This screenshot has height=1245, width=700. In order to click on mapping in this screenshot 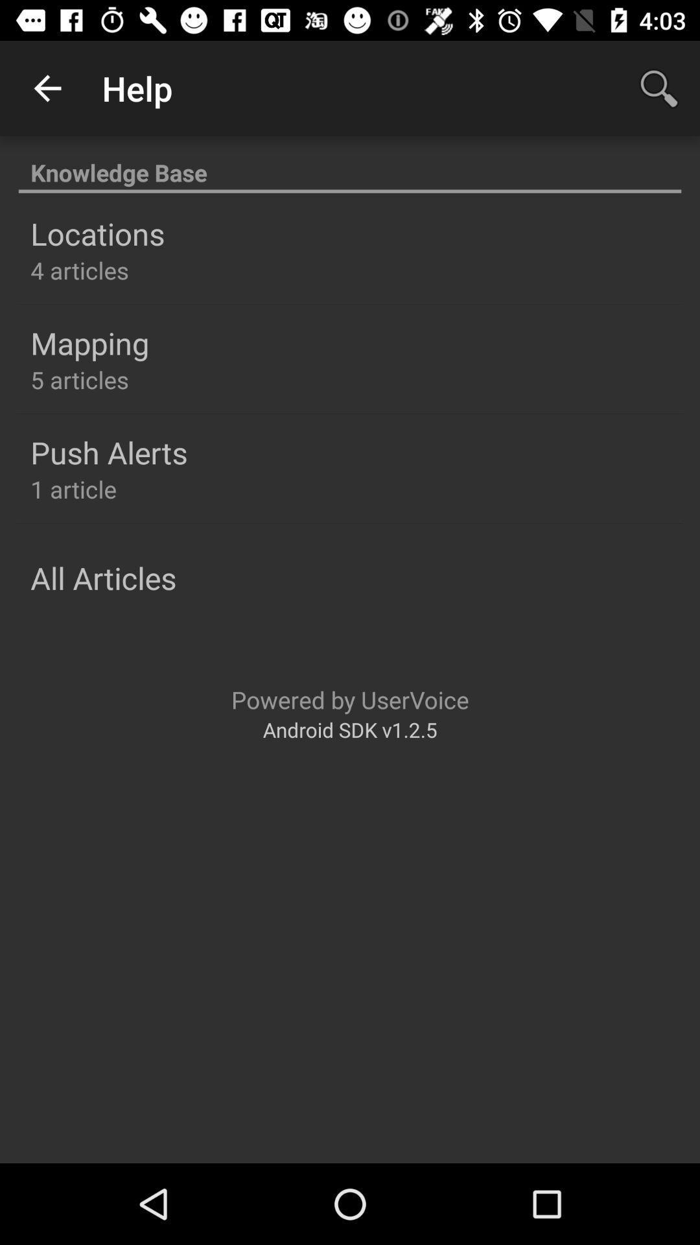, I will do `click(89, 343)`.